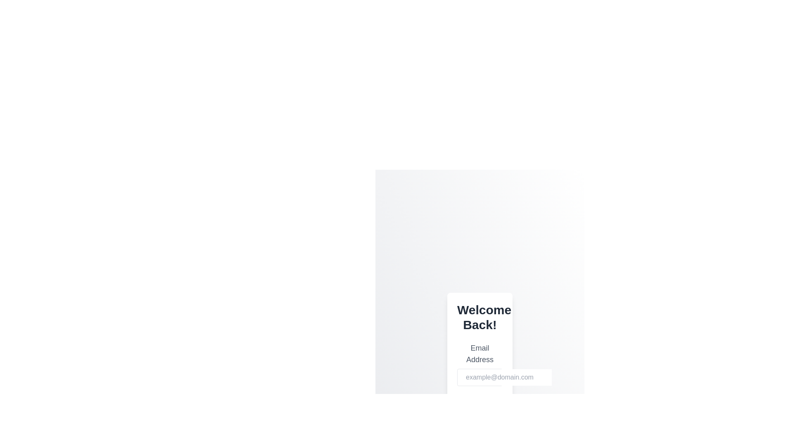 The width and height of the screenshot is (793, 446). Describe the element at coordinates (480, 377) in the screenshot. I see `the text input field for 'Email Address' which is styled with a border and rounded corners, displaying the placeholder 'example@domain.com'` at that location.